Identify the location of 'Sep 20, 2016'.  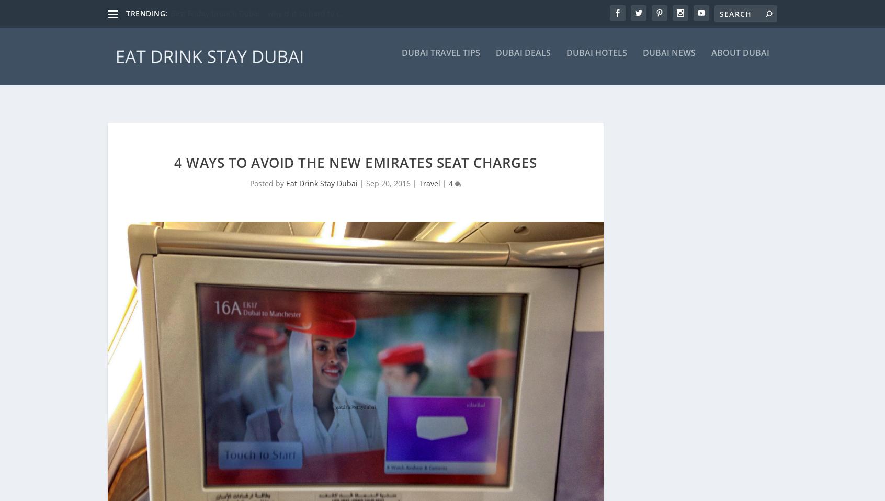
(388, 166).